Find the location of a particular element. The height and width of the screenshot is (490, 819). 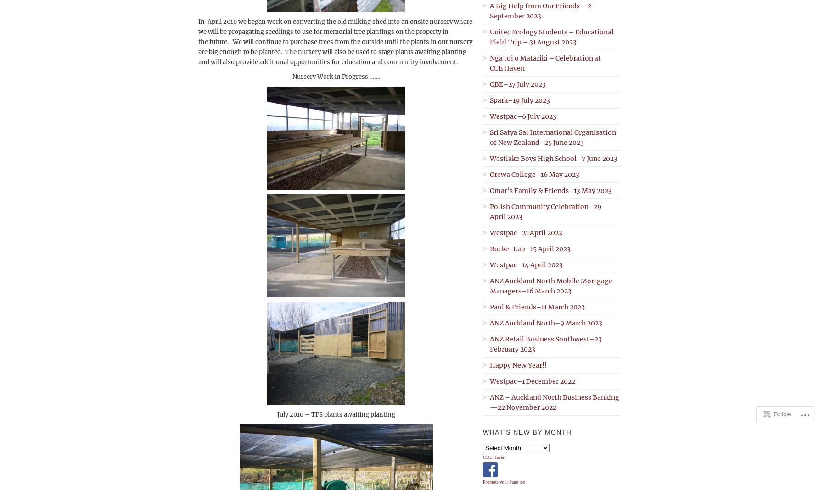

'Promote your Page too' is located at coordinates (503, 482).